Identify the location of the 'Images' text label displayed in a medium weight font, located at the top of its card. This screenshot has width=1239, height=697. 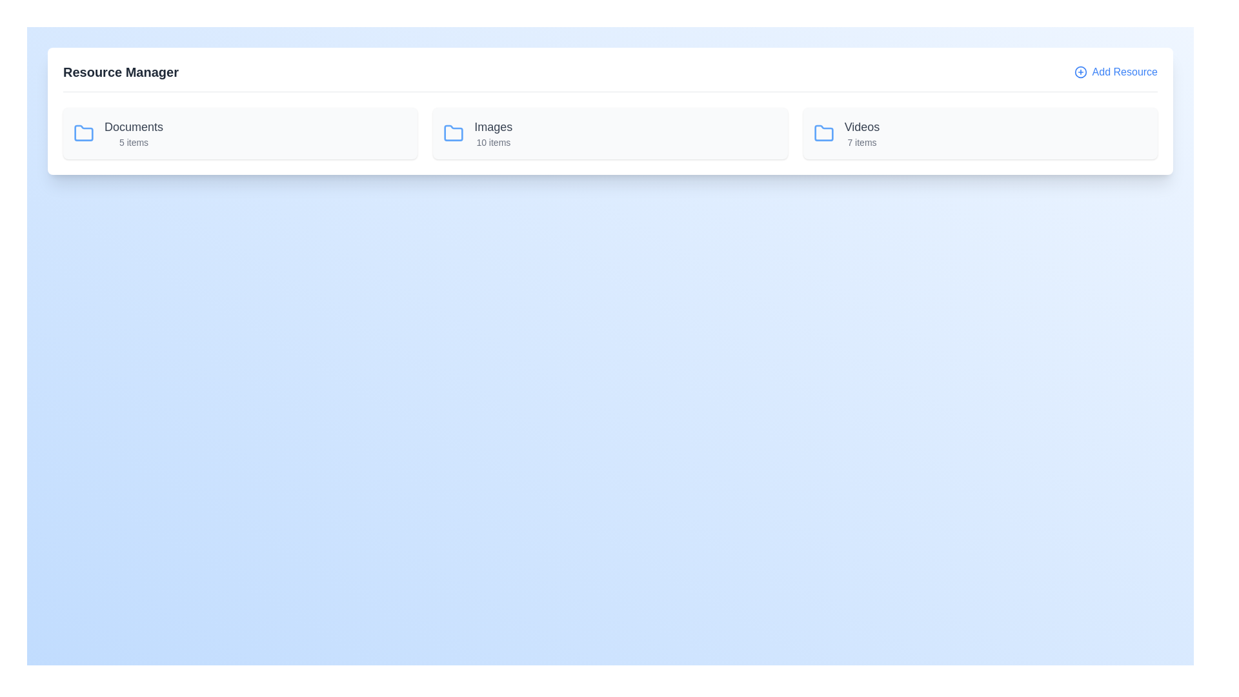
(492, 126).